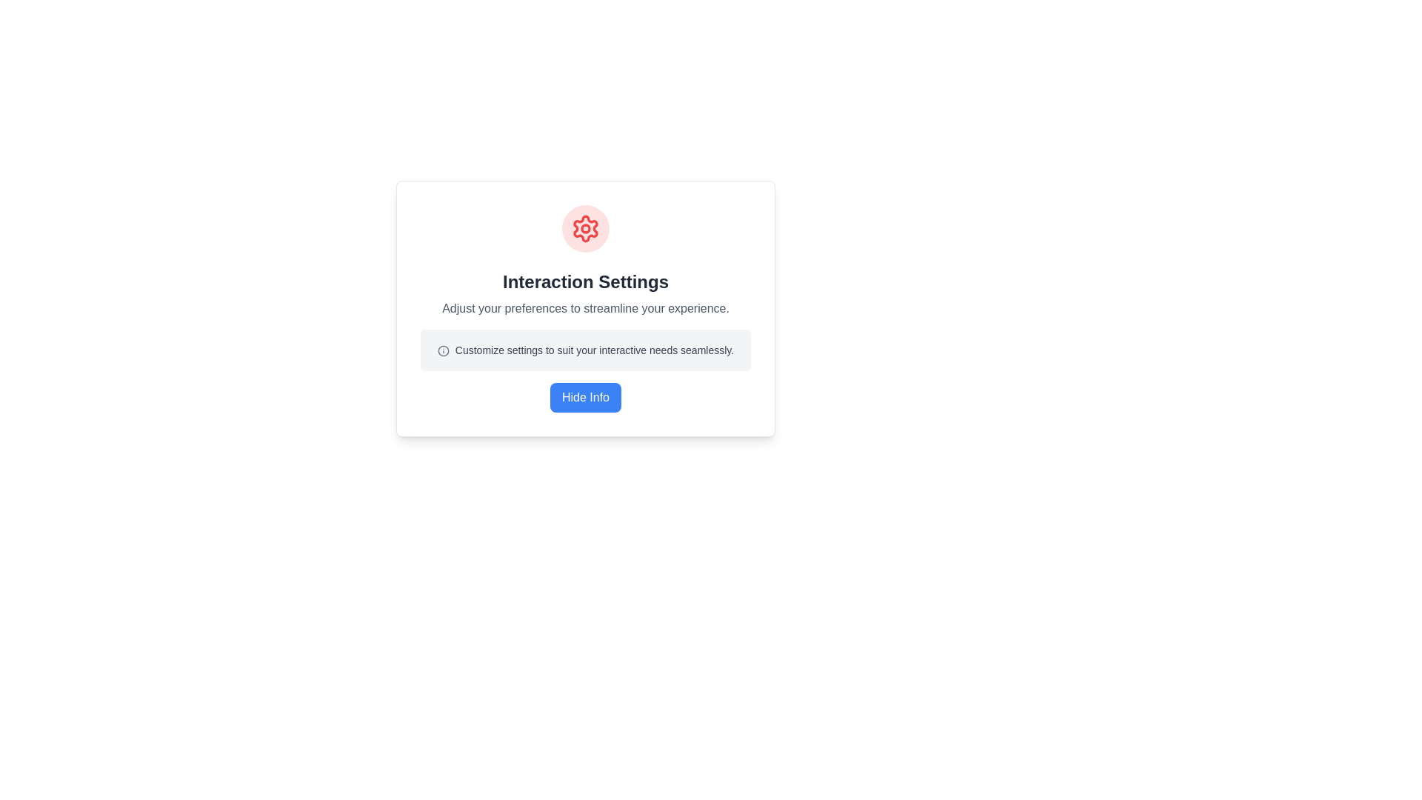 The image size is (1422, 800). I want to click on the settings icon, which is centrally positioned within a red circular area above the 'Interaction Settings' section's heading in the content modal, so click(585, 228).